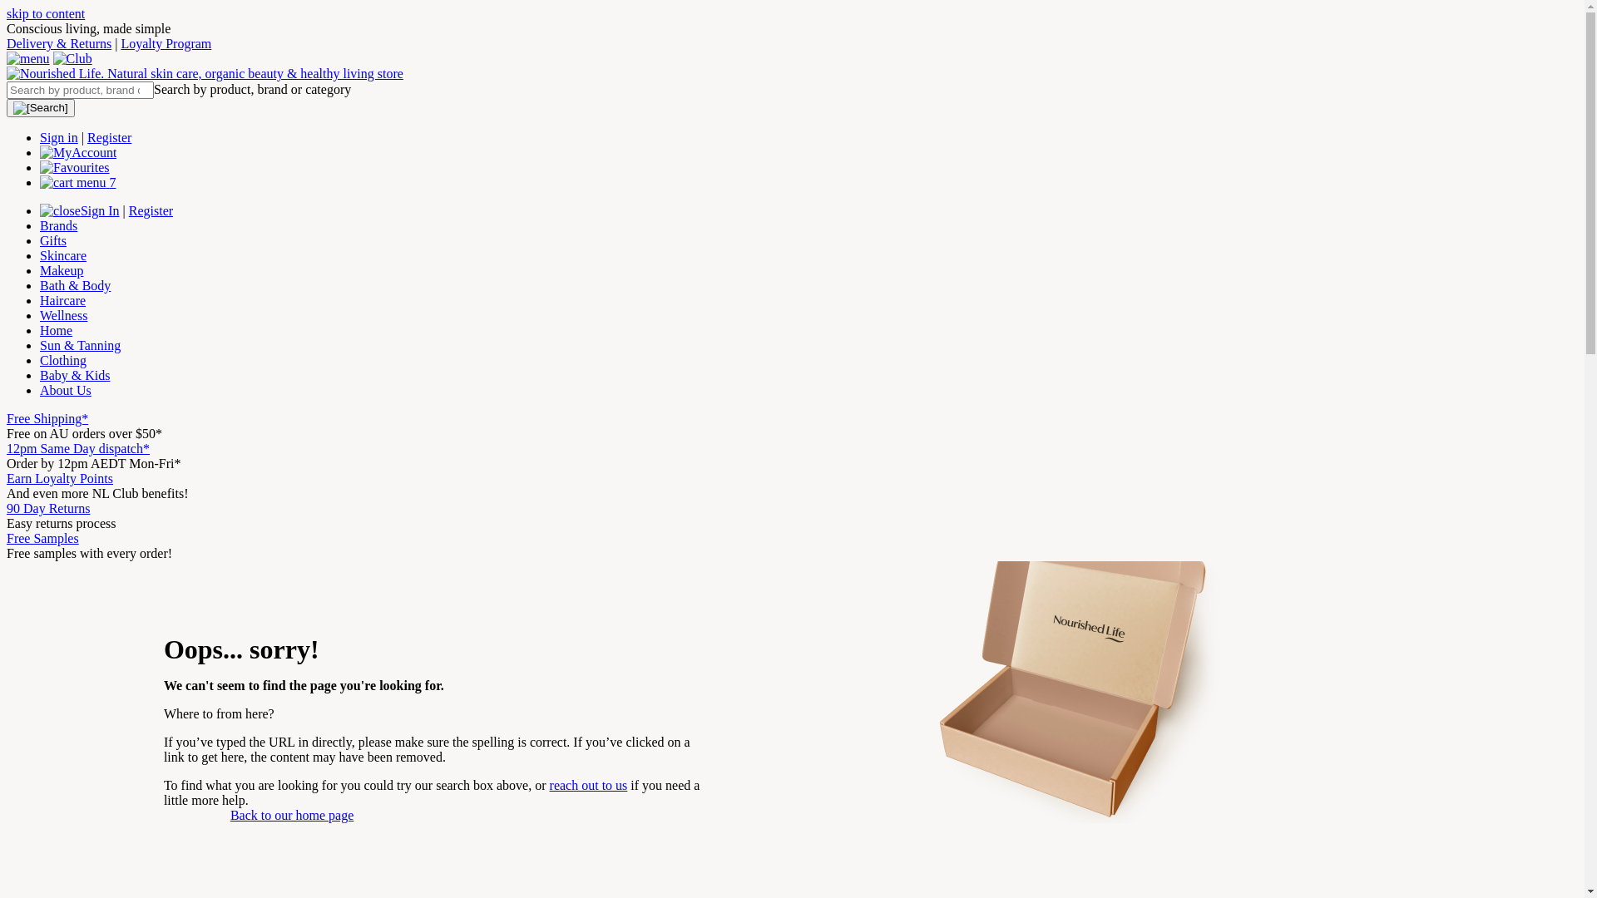 The width and height of the screenshot is (1597, 898). I want to click on 'Brands', so click(58, 225).